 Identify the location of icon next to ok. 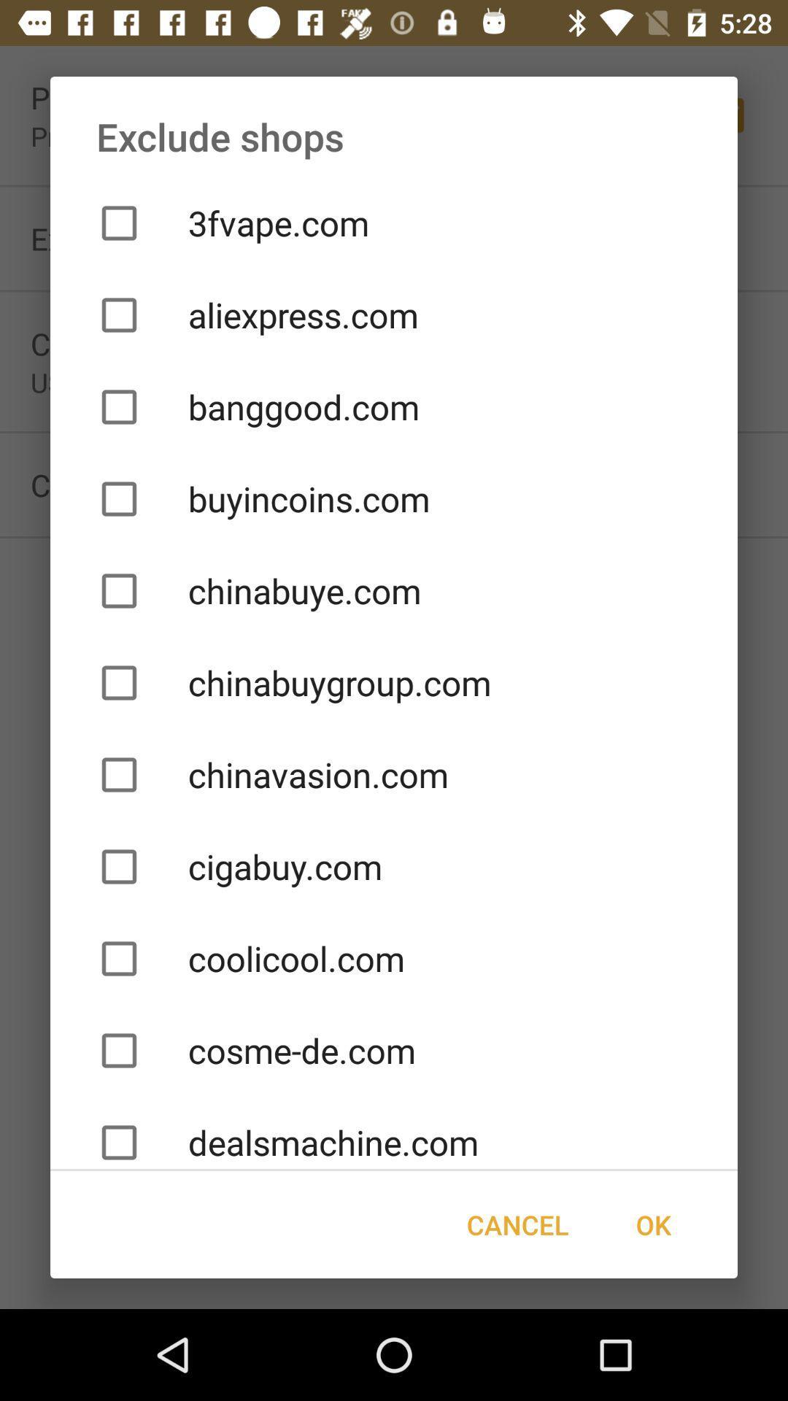
(517, 1224).